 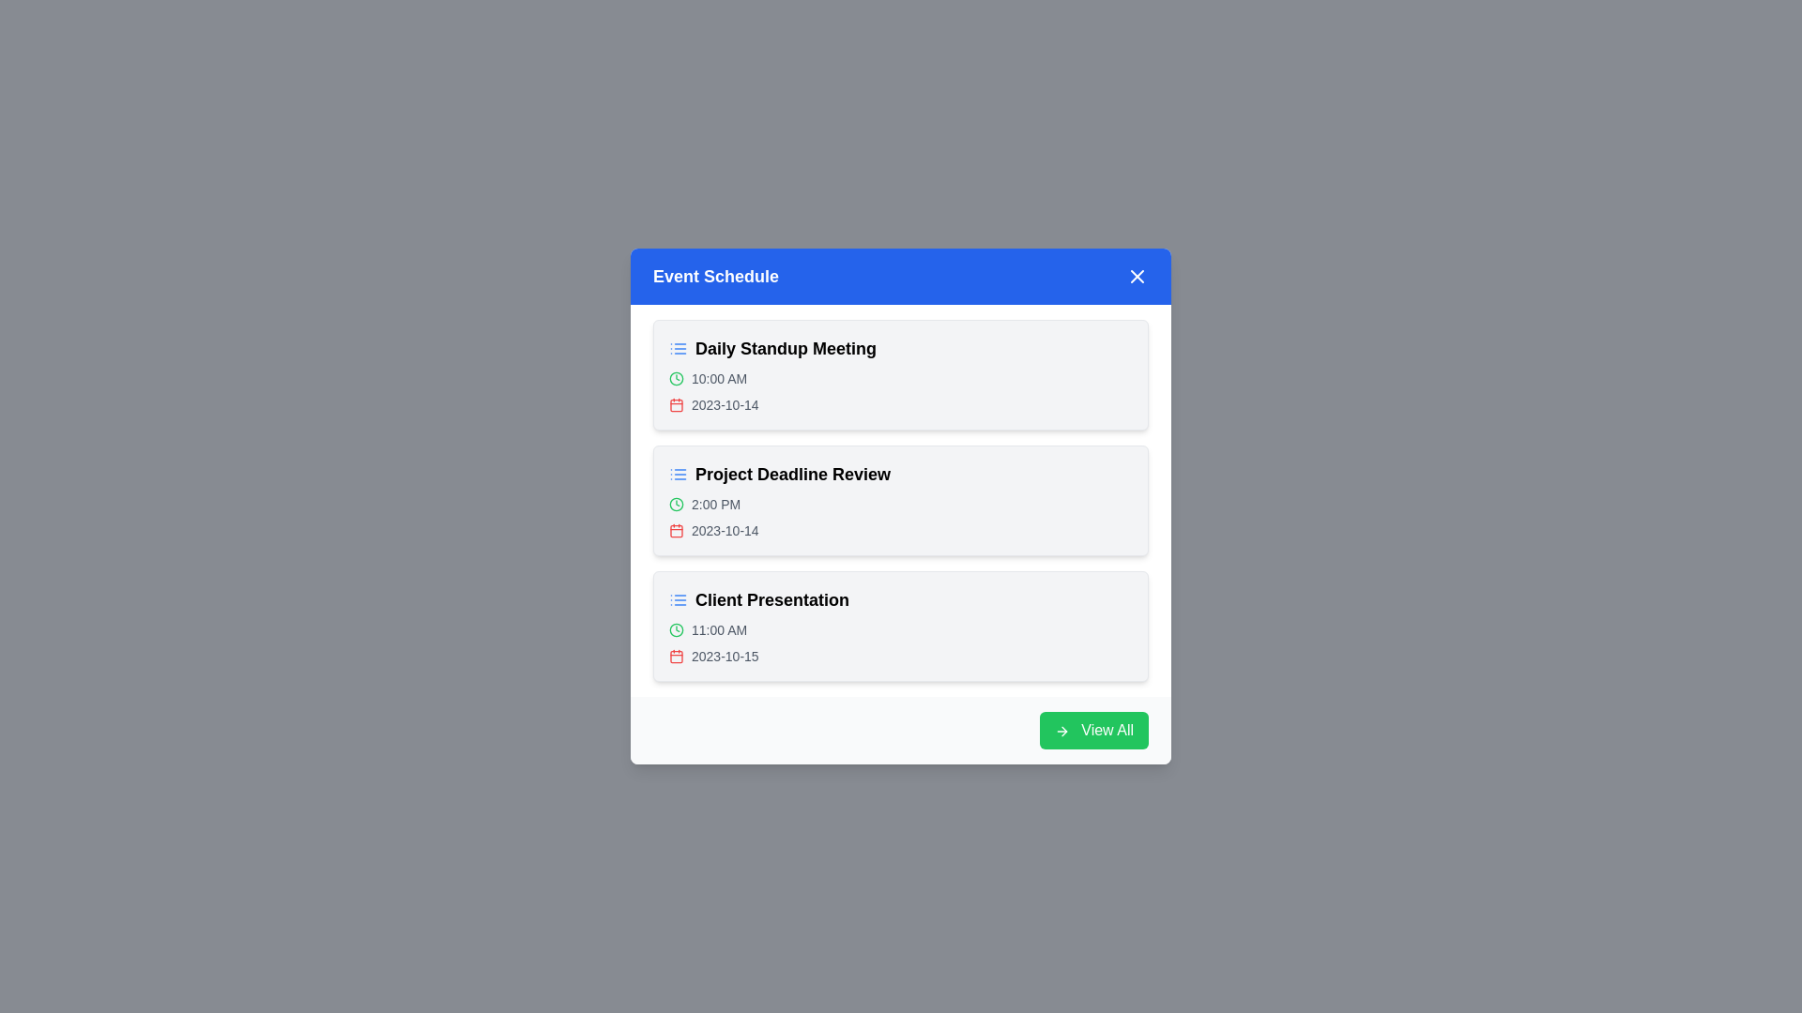 I want to click on the small interactive button represented by an 'X' icon, styled in white against a blue background, located in the top-right corner of the 'Event Schedule' header, so click(x=1136, y=276).